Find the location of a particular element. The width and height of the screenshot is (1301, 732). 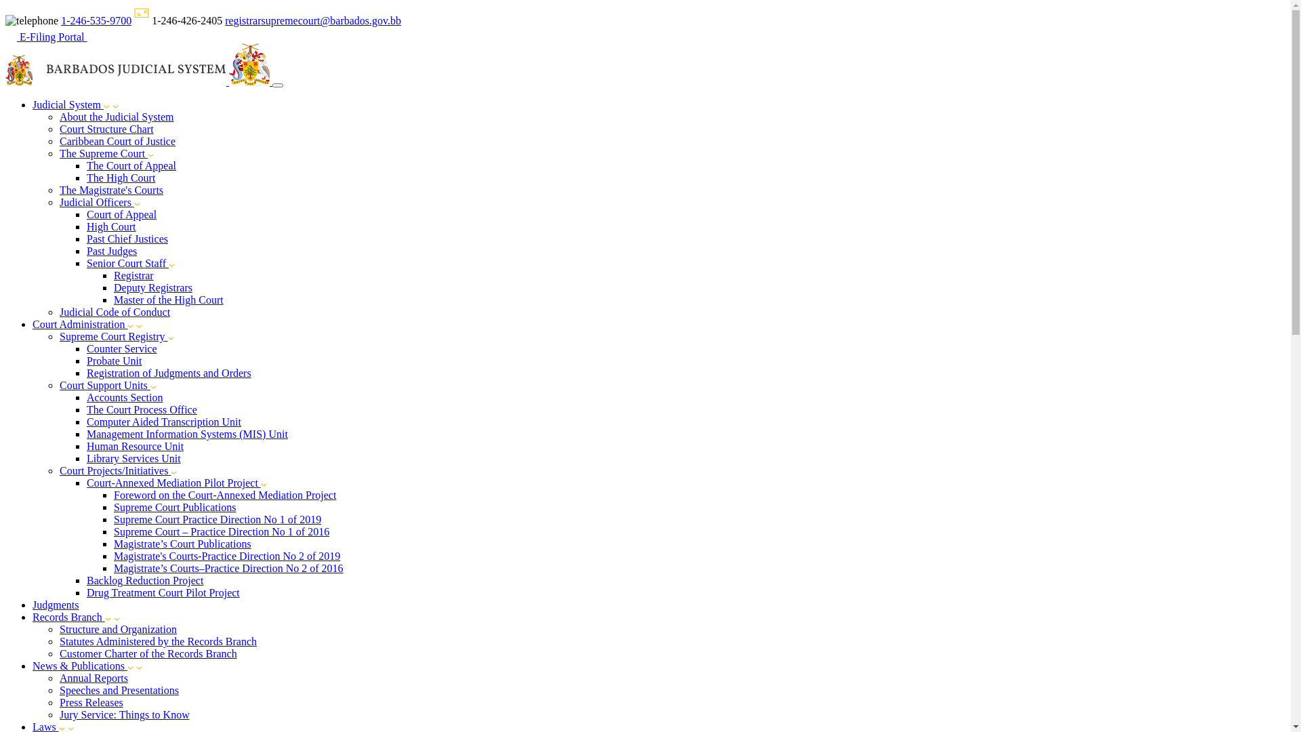

'Court of Appeal' is located at coordinates (121, 213).